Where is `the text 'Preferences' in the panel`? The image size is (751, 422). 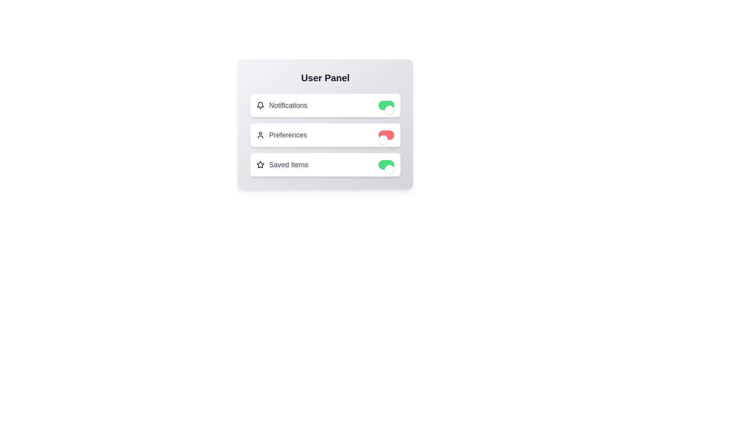
the text 'Preferences' in the panel is located at coordinates (287, 135).